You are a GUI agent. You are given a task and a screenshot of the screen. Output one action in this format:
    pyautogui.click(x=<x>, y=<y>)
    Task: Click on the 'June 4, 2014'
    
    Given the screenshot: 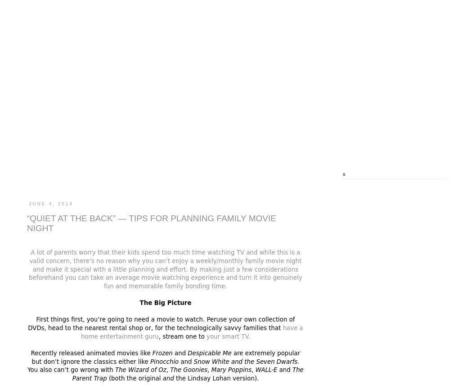 What is the action you would take?
    pyautogui.click(x=50, y=203)
    